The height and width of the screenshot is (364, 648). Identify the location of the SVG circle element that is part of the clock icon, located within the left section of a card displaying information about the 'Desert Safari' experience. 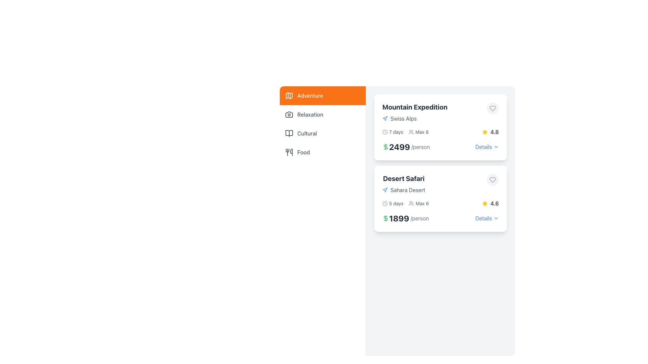
(385, 203).